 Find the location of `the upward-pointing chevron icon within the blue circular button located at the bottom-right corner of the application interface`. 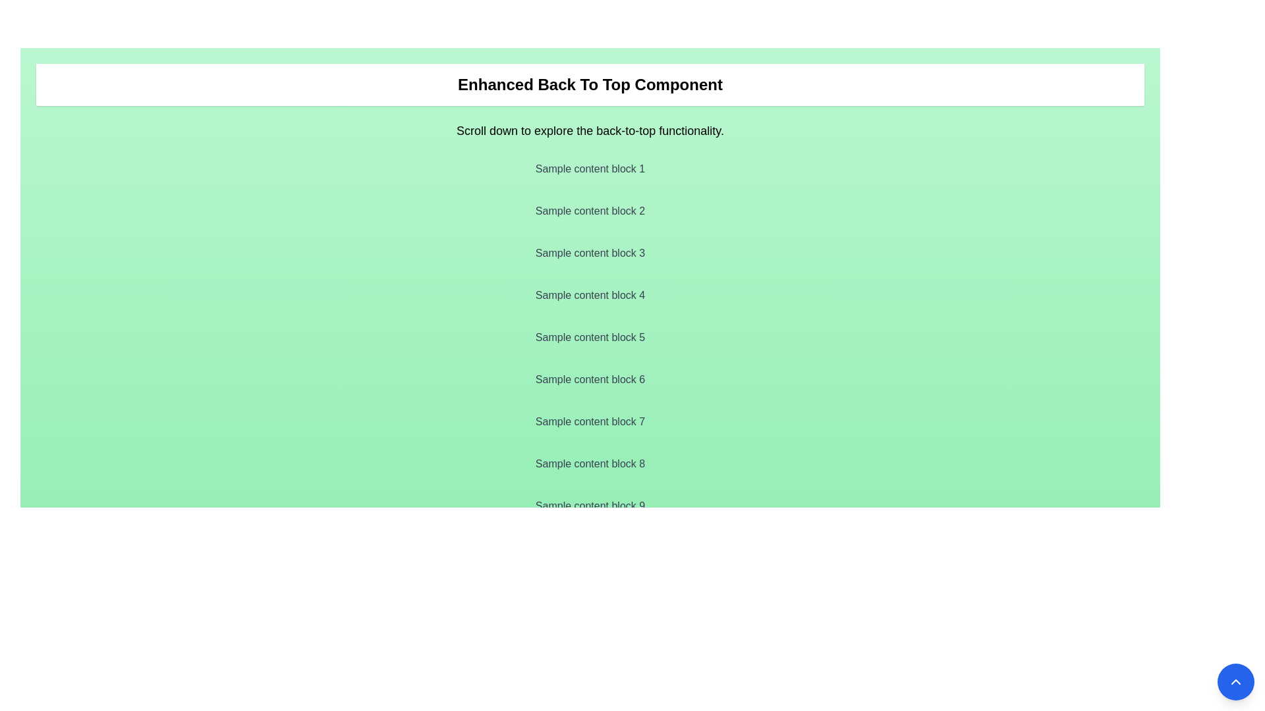

the upward-pointing chevron icon within the blue circular button located at the bottom-right corner of the application interface is located at coordinates (1235, 681).